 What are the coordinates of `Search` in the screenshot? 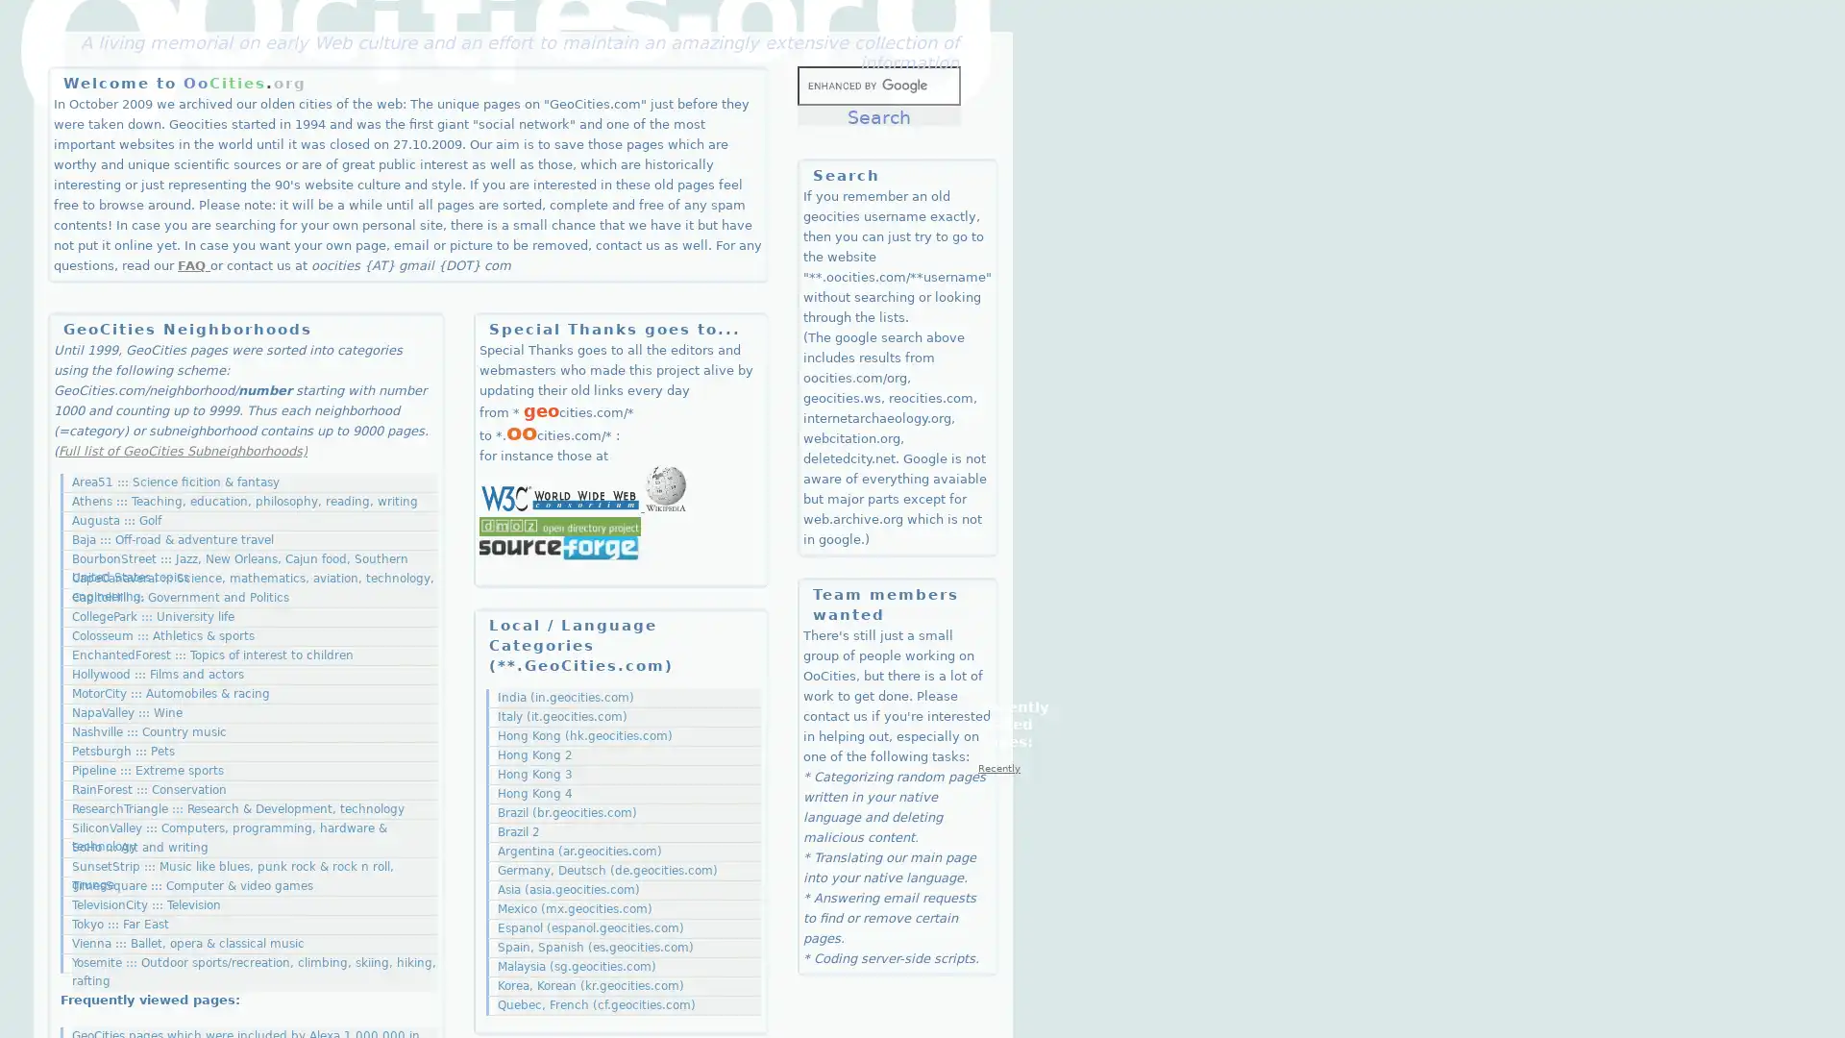 It's located at (878, 115).